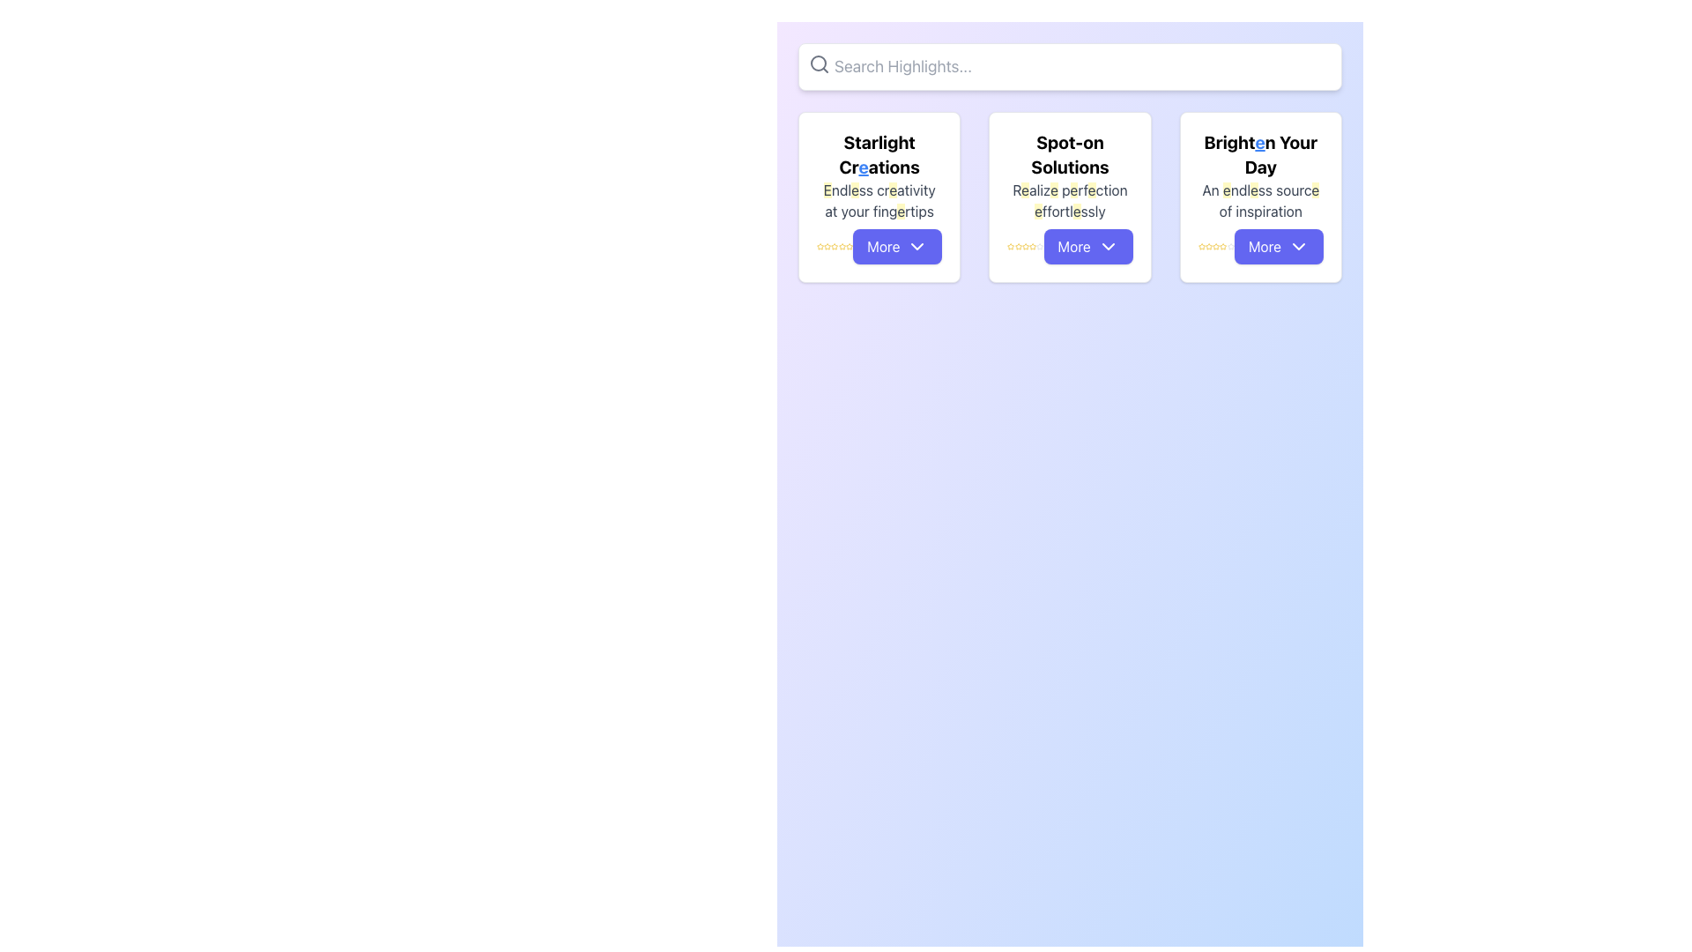 This screenshot has height=952, width=1692. Describe the element at coordinates (879, 199) in the screenshot. I see `the static text located within the leftmost card titled 'Starlight Creations', positioned above the More button and below the main label, which reads 'Endless creativity at your fingertips'` at that location.